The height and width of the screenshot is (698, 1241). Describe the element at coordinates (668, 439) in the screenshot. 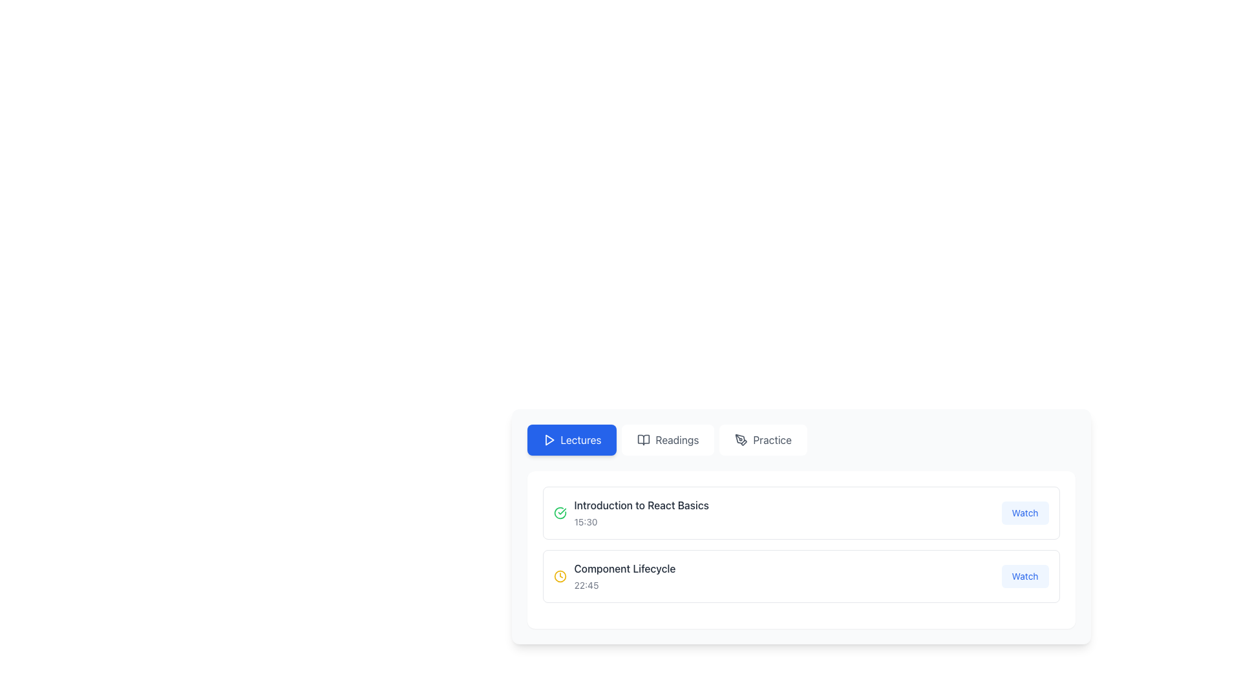

I see `the 'Readings' button` at that location.